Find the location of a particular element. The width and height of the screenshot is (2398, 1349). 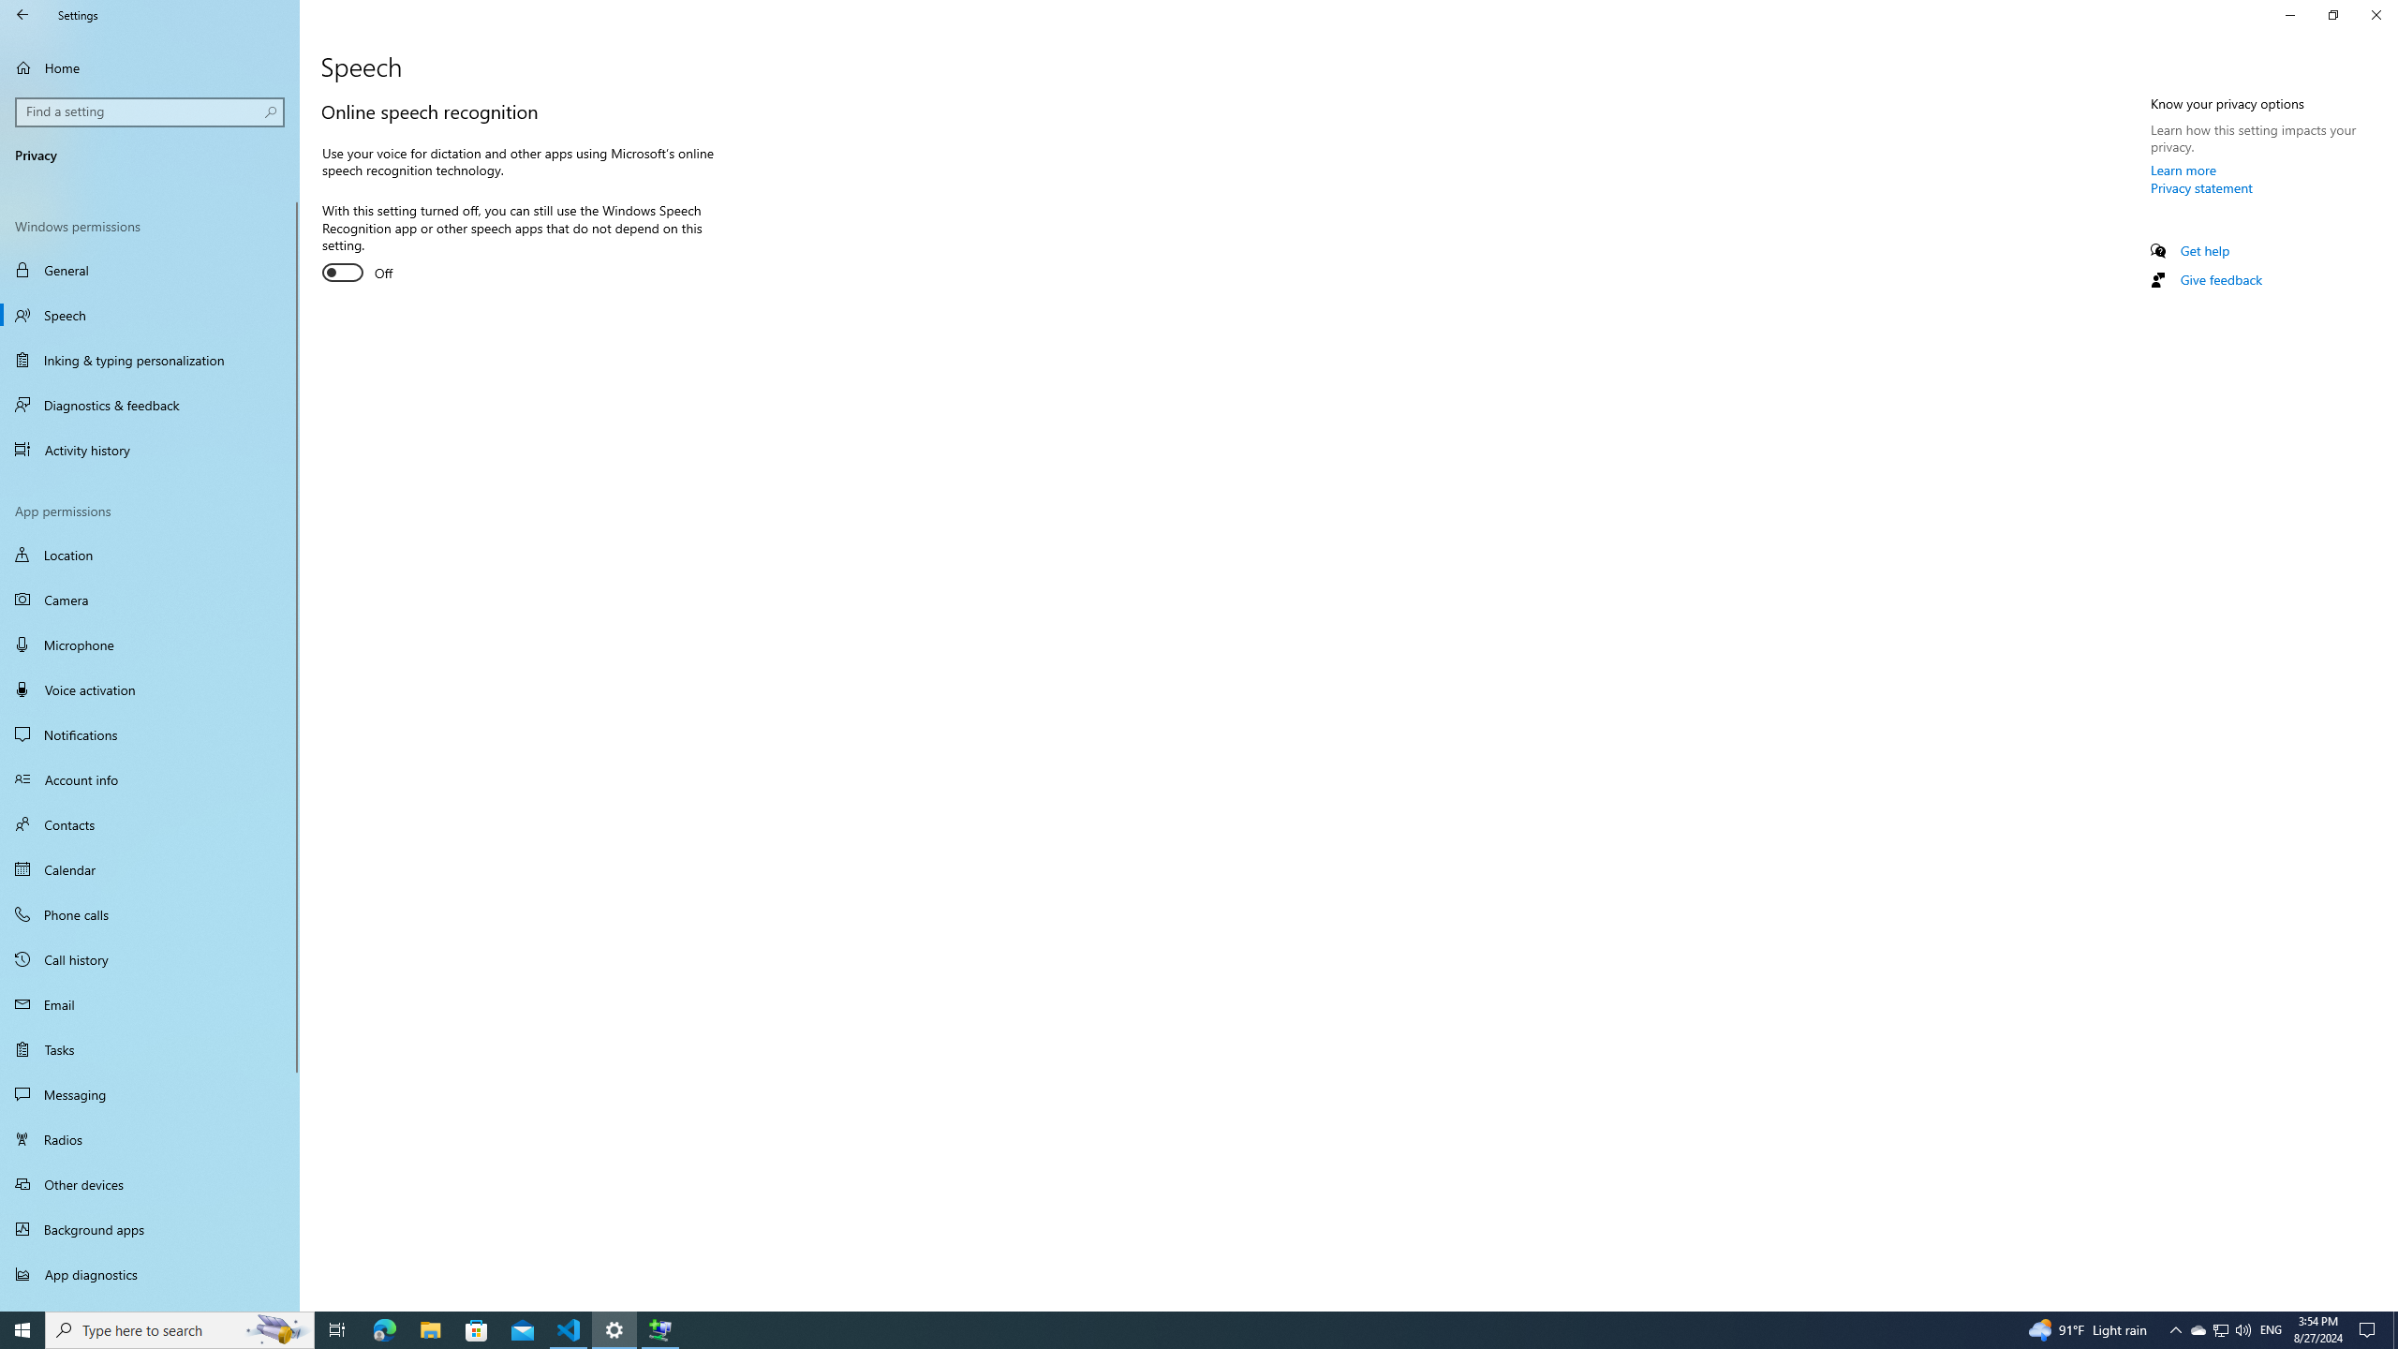

'Calendar' is located at coordinates (149, 868).